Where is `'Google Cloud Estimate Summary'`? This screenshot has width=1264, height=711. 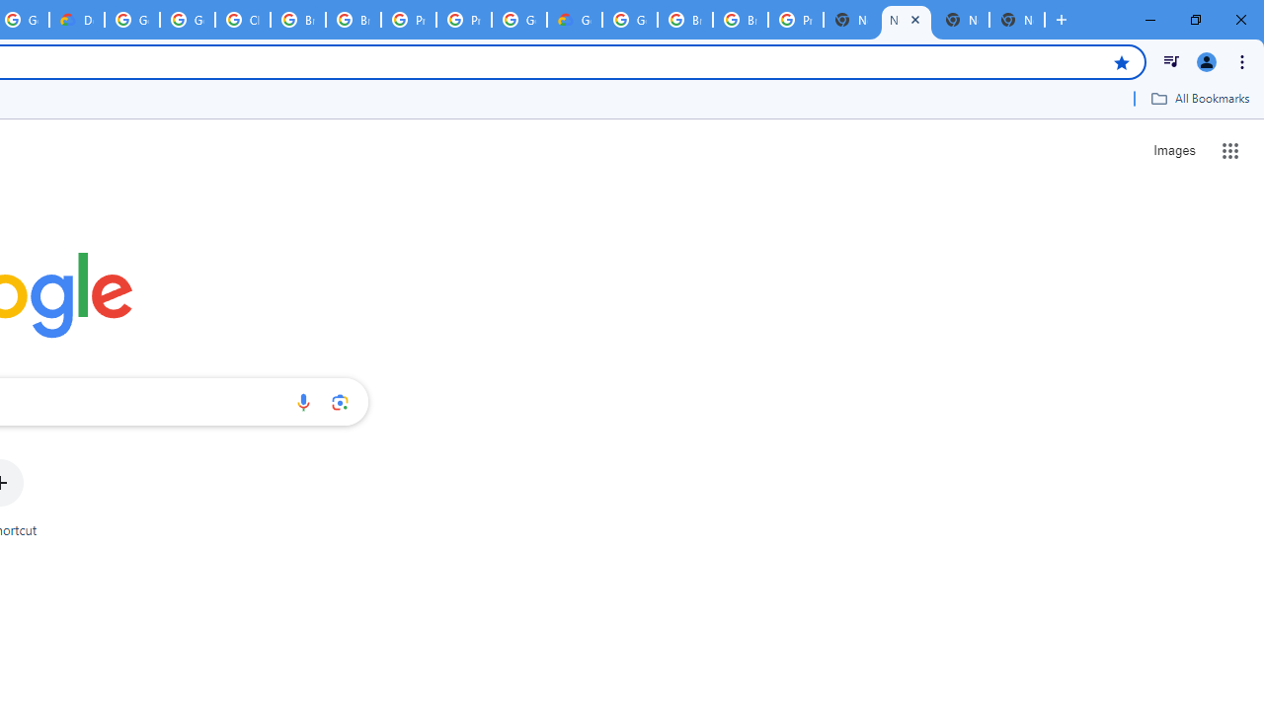 'Google Cloud Estimate Summary' is located at coordinates (574, 20).